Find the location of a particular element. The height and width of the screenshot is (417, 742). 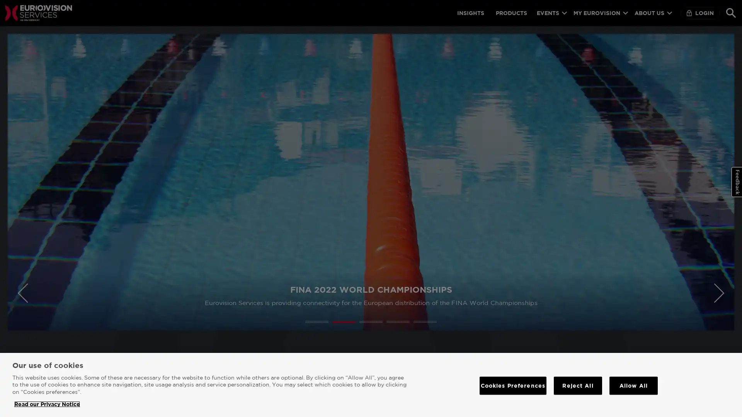

Cookies Preferences is located at coordinates (512, 385).